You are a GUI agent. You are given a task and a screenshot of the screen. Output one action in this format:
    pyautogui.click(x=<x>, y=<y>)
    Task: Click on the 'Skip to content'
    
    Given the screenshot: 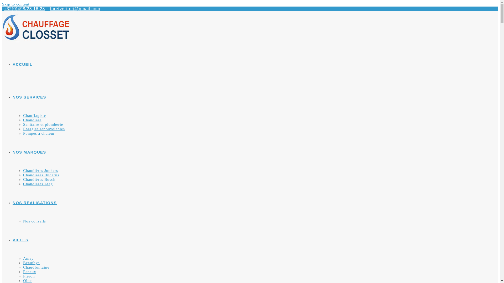 What is the action you would take?
    pyautogui.click(x=15, y=4)
    